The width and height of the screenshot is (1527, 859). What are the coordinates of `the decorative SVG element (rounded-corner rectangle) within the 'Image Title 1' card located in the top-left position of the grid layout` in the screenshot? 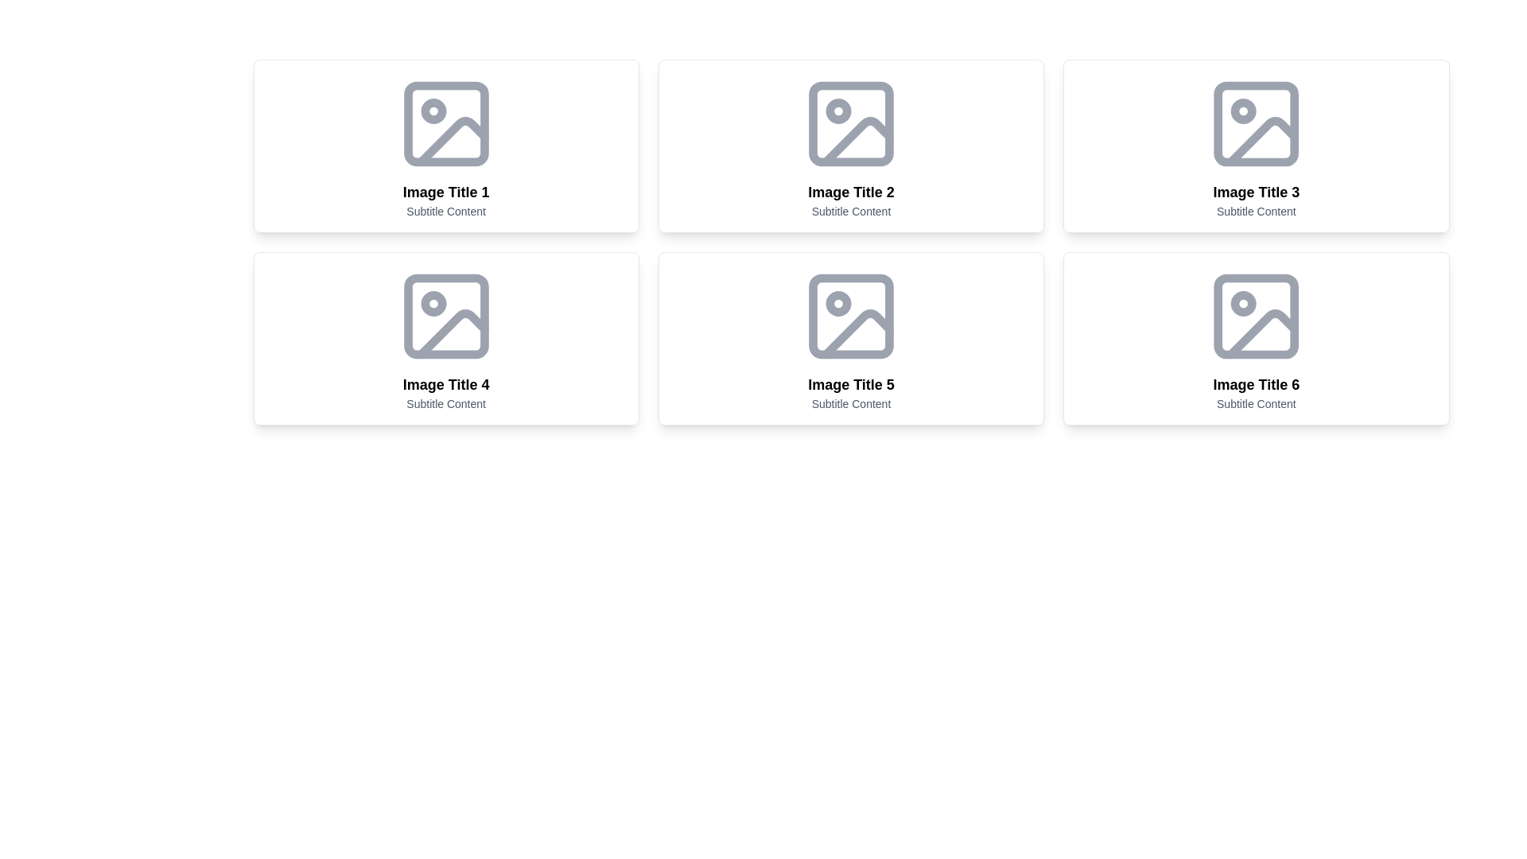 It's located at (445, 122).